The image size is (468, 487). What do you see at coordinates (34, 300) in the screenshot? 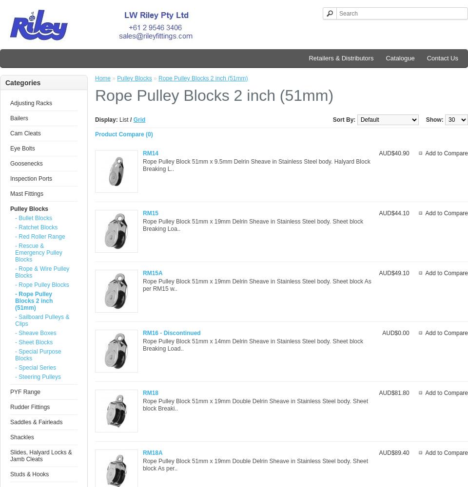
I see `'- Rope Pulley Blocks 2 inch (51mm)'` at bounding box center [34, 300].